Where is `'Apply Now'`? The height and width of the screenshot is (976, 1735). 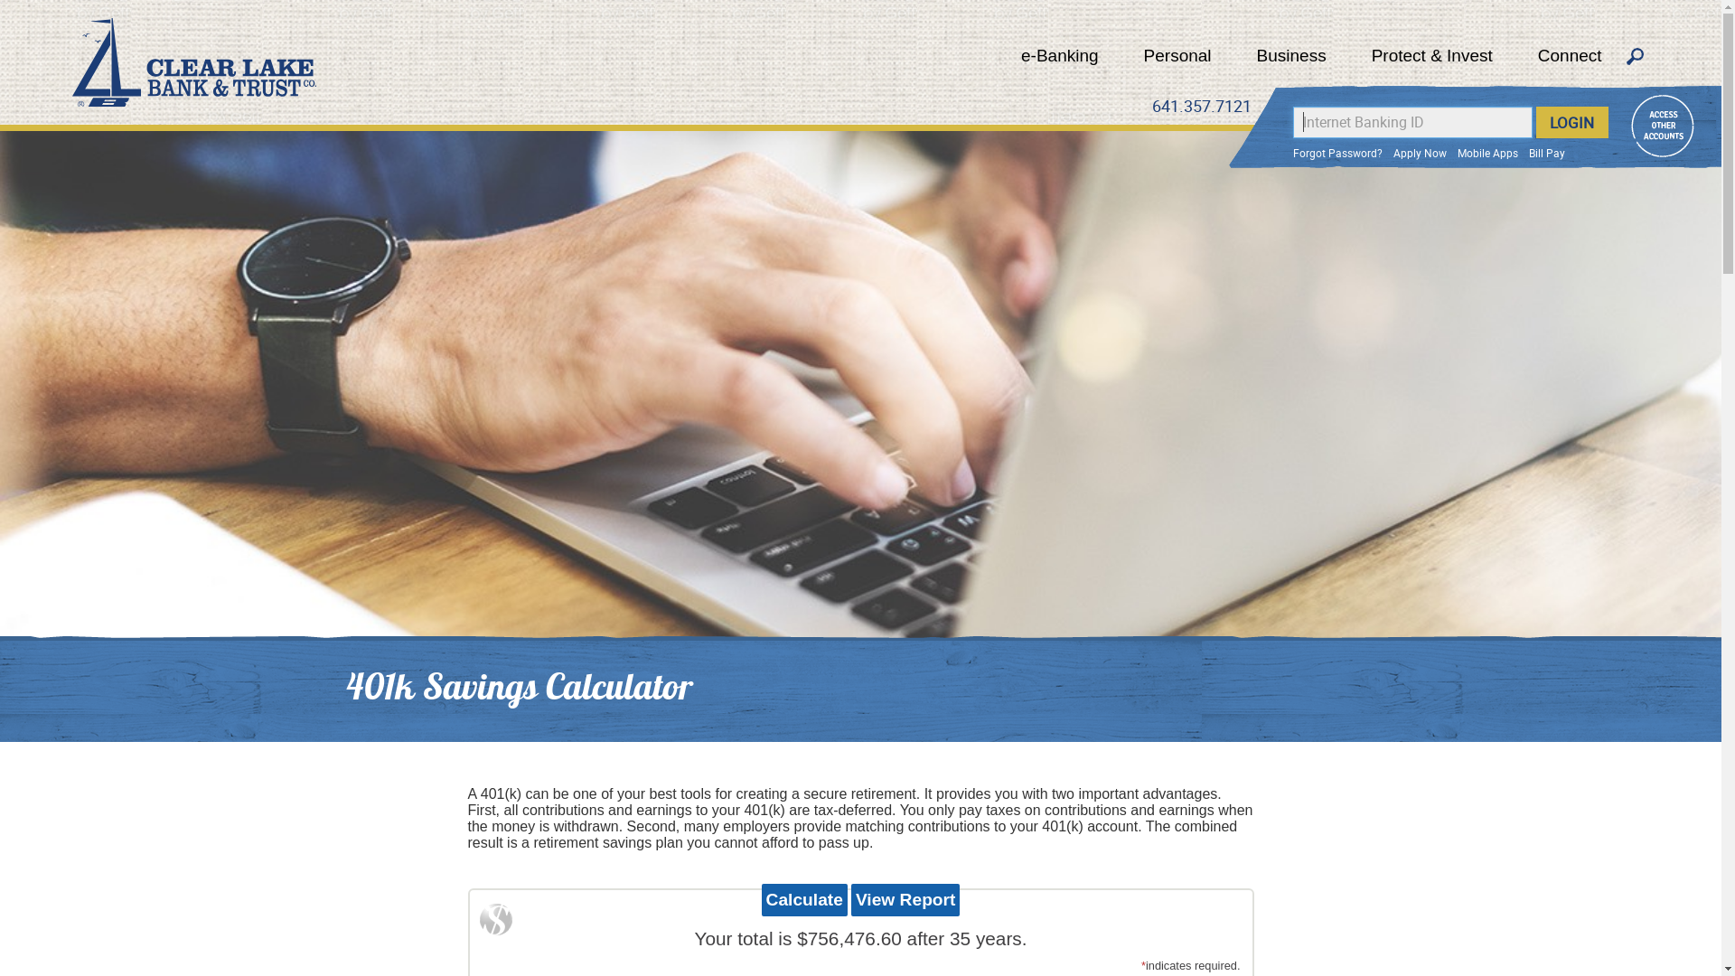
'Apply Now' is located at coordinates (1419, 152).